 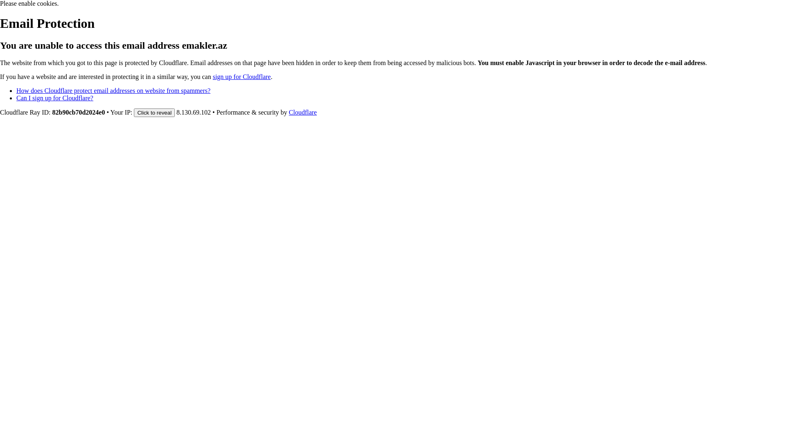 What do you see at coordinates (154, 113) in the screenshot?
I see `'Click to reveal'` at bounding box center [154, 113].